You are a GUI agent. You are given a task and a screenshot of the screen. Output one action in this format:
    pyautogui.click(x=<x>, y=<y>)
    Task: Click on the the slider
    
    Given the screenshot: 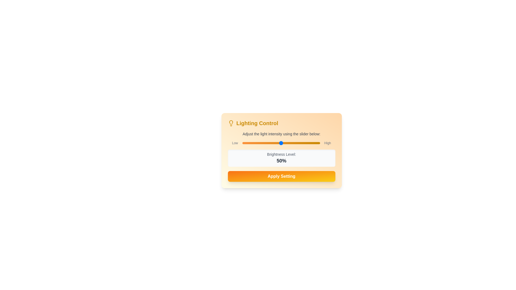 What is the action you would take?
    pyautogui.click(x=307, y=143)
    